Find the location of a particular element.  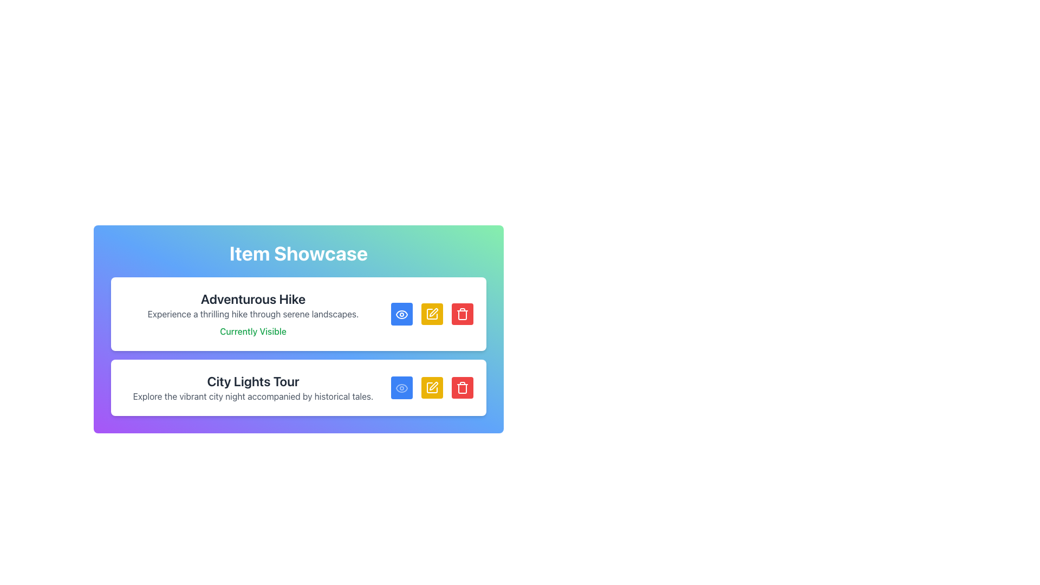

the text element reading 'Experience a thrilling hike through serene landscapes.' which is styled in gray font and located under the title 'Adventurous Hike' and above 'Currently Visible' is located at coordinates (252, 314).